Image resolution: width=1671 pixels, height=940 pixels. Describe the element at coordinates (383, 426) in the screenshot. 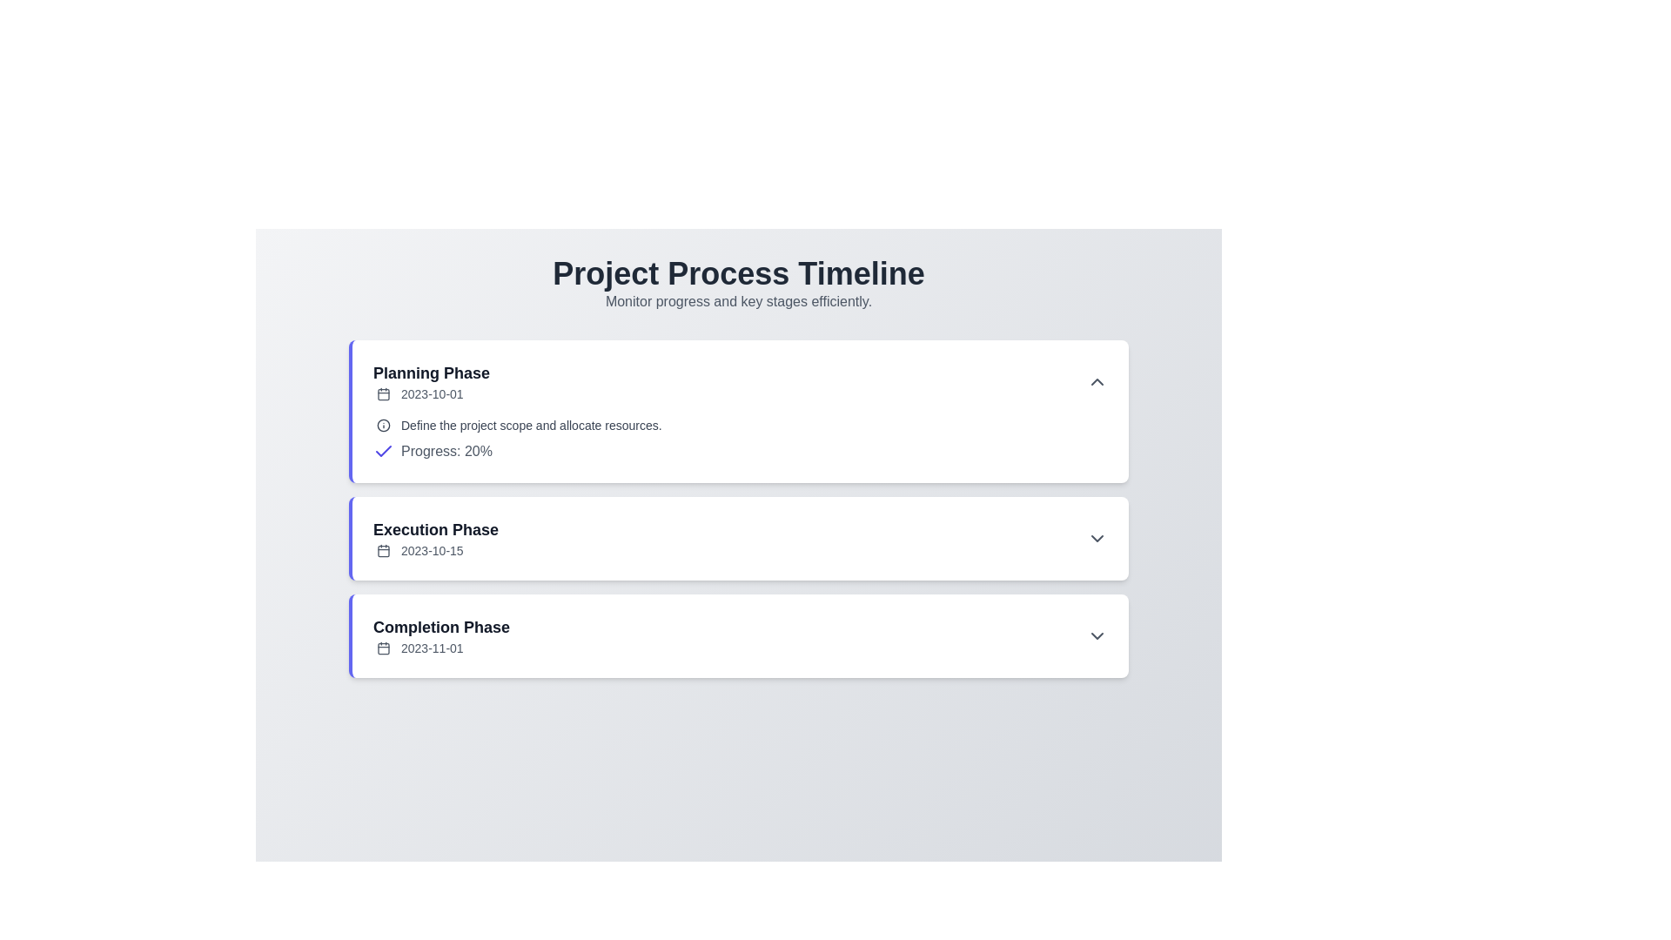

I see `the circular 'info' icon located in the 'Planning Phase' section, positioned before the text 'Define the project scope and allocate resources.'` at that location.